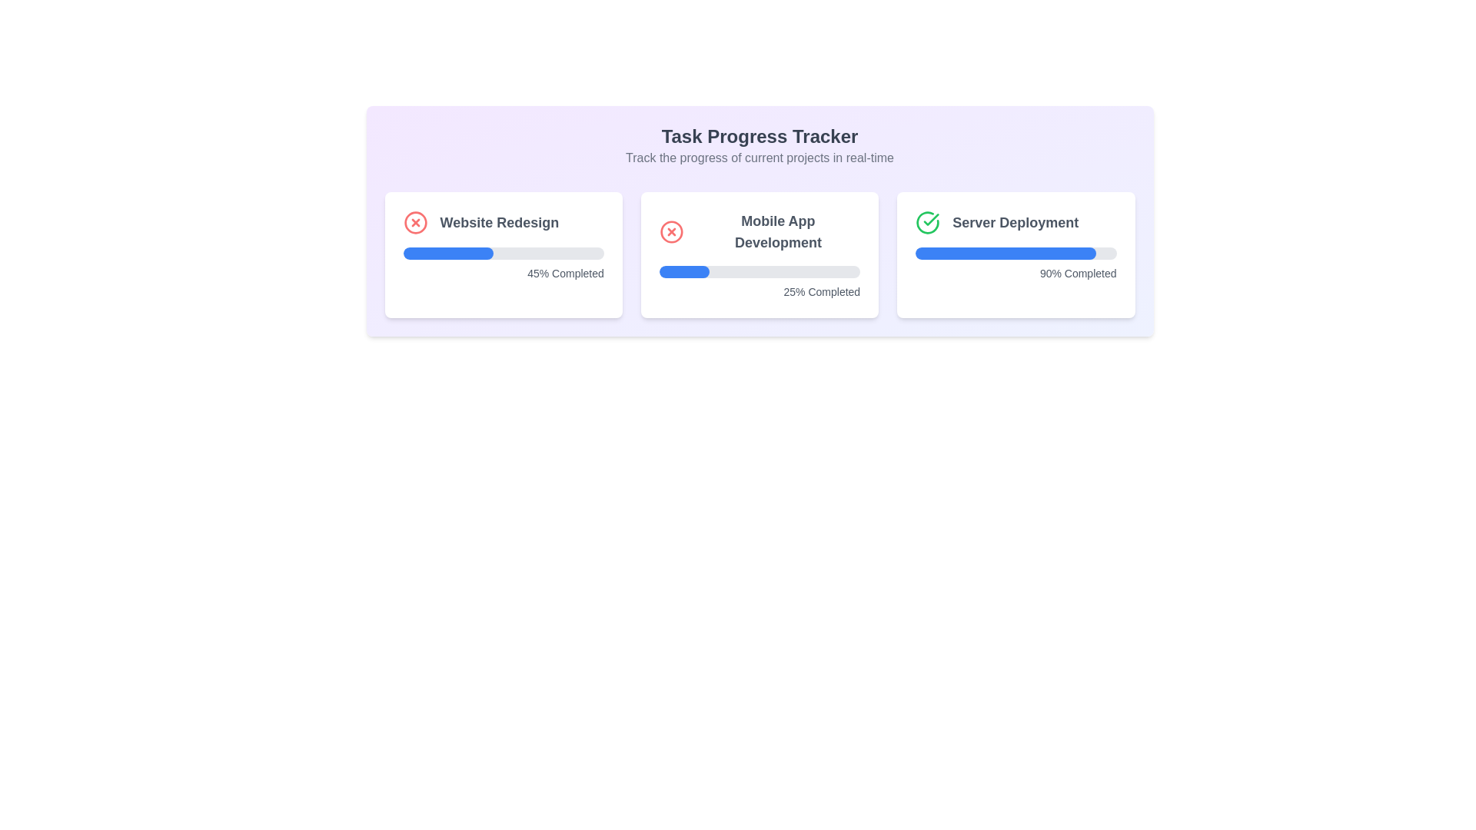  What do you see at coordinates (1006, 253) in the screenshot?
I see `the Progress Bar in the 'Server Deployment' card, which visually indicates the progress of the task and is positioned below the title and icon, above the text '90% Completed'` at bounding box center [1006, 253].